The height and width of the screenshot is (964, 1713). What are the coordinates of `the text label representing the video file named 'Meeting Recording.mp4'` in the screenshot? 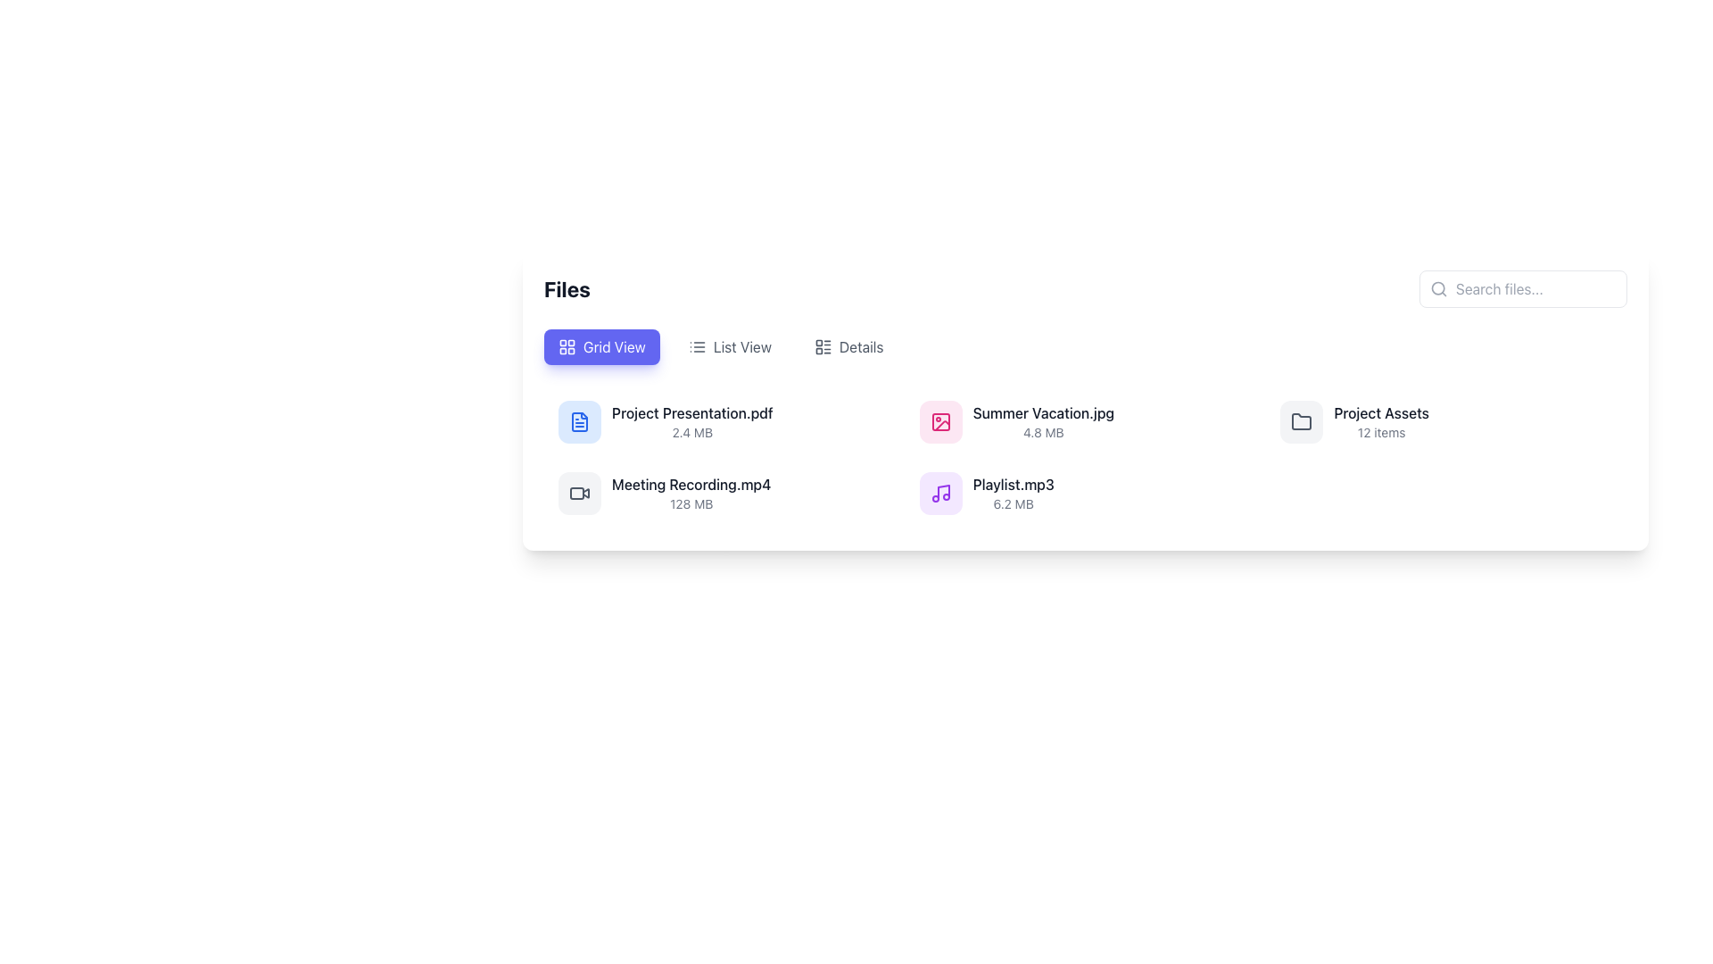 It's located at (691, 485).